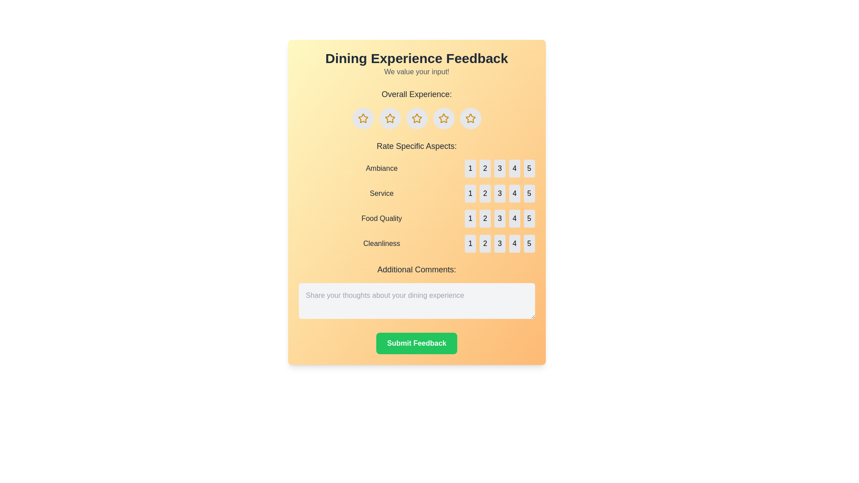 The width and height of the screenshot is (859, 483). I want to click on the rounded rectangular button labeled '1', which has a gray background and changes to yellow when hovered over, so click(470, 243).